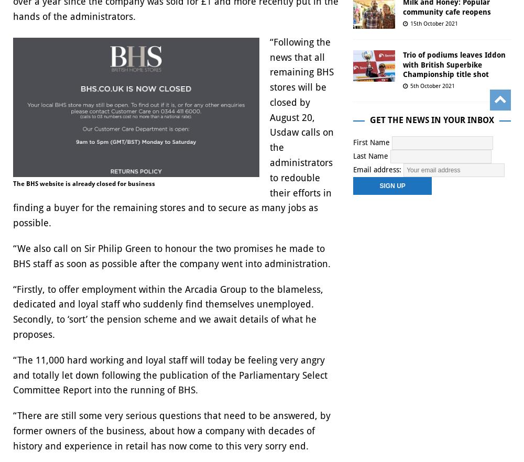  Describe the element at coordinates (378, 169) in the screenshot. I see `'Email address:'` at that location.